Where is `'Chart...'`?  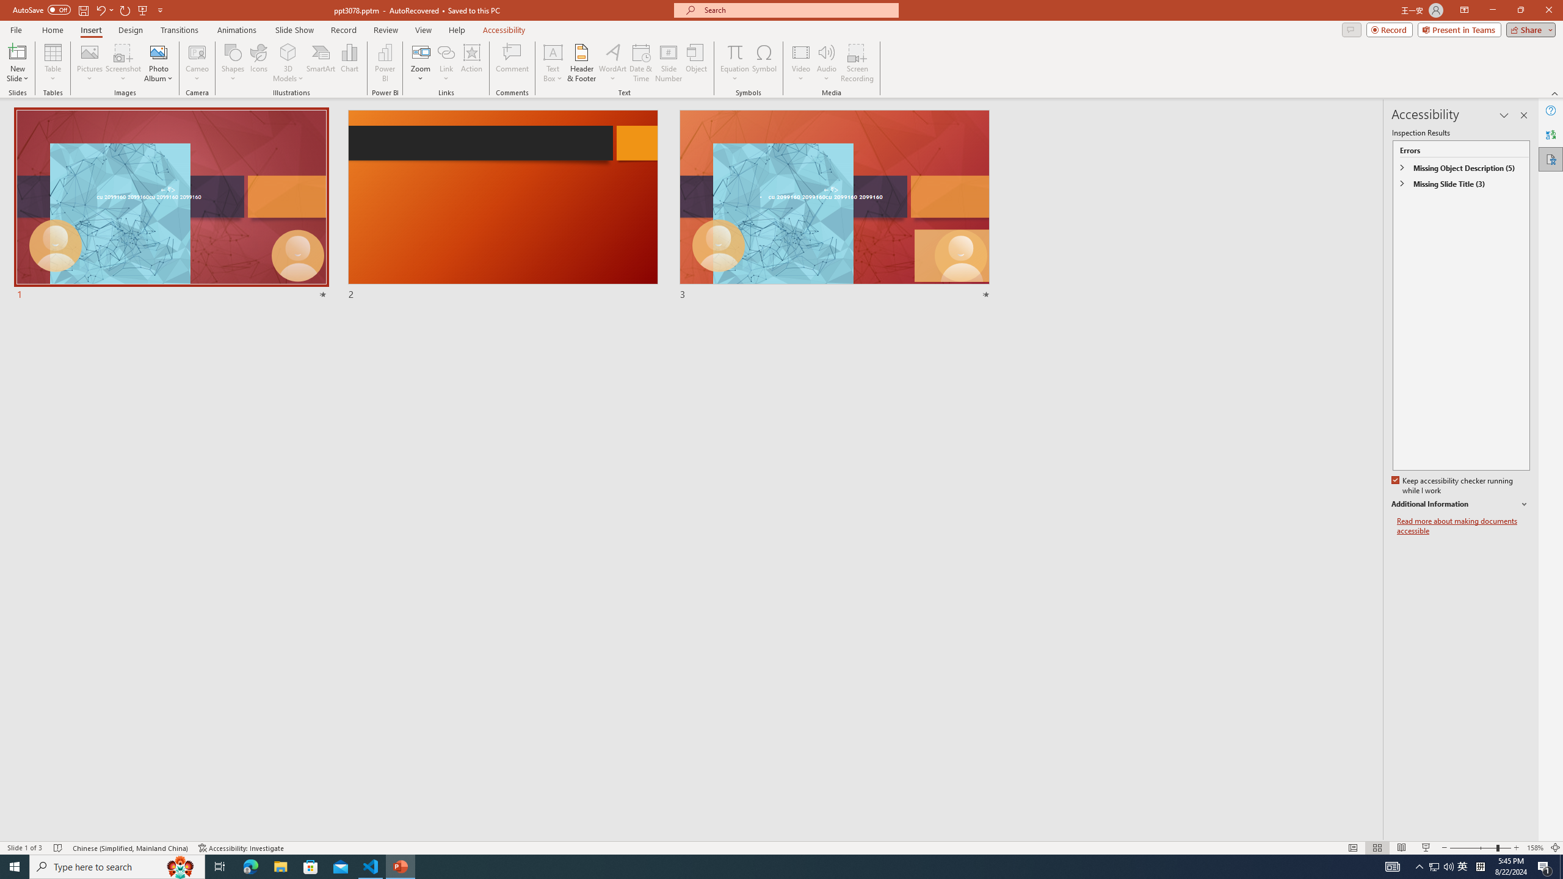 'Chart...' is located at coordinates (349, 63).